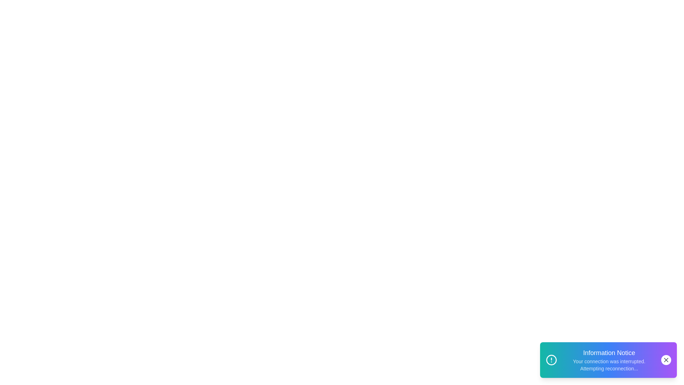 This screenshot has height=385, width=684. Describe the element at coordinates (666, 360) in the screenshot. I see `the close button to dismiss the notification` at that location.